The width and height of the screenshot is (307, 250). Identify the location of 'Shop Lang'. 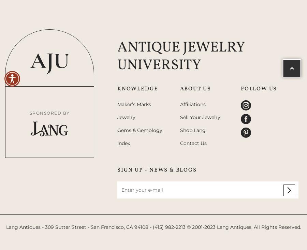
(179, 130).